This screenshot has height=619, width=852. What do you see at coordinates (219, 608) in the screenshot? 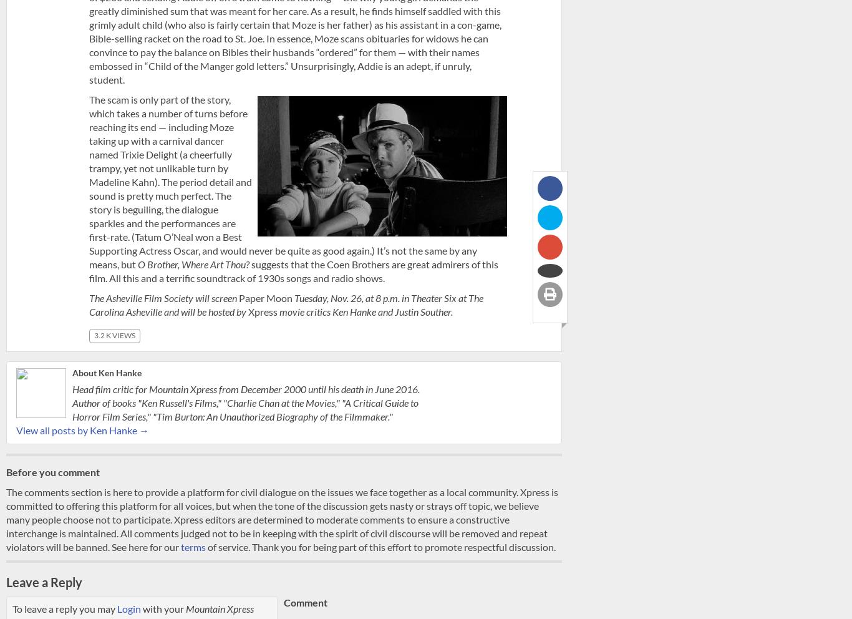
I see `'Mountain Xpress'` at bounding box center [219, 608].